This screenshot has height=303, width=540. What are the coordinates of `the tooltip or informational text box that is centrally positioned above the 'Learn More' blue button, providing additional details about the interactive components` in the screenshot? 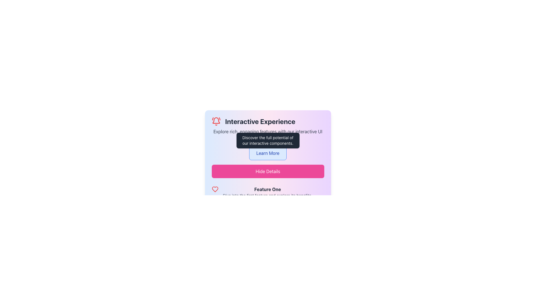 It's located at (267, 140).